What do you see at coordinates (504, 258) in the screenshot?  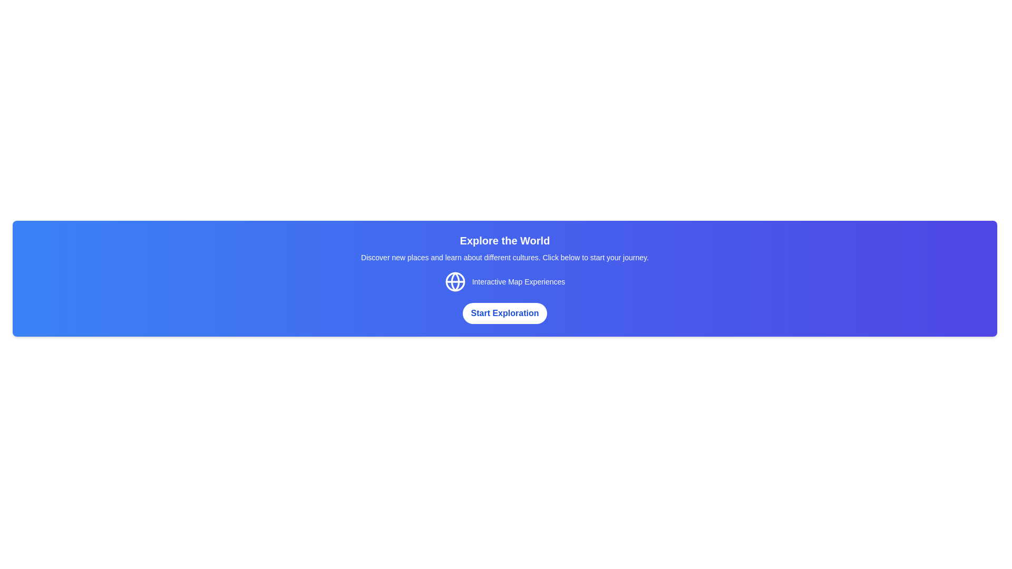 I see `the text display that reads 'Discover new places and learn about different cultures.' which is centrally aligned in a rounded rectangular section on a gradient blue background, located below the title 'Explore the World'` at bounding box center [504, 258].